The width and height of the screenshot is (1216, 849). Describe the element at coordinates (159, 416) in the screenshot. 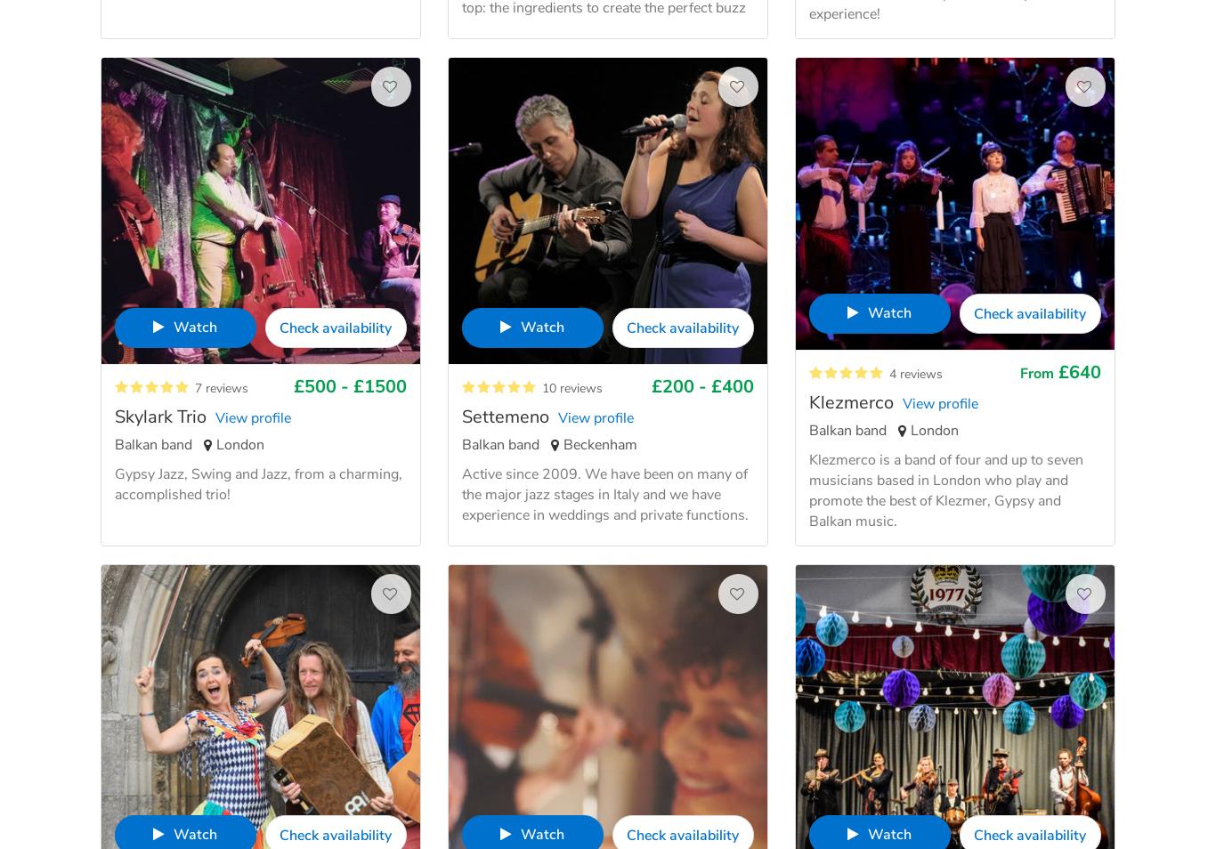

I see `'Skylark Trio'` at that location.